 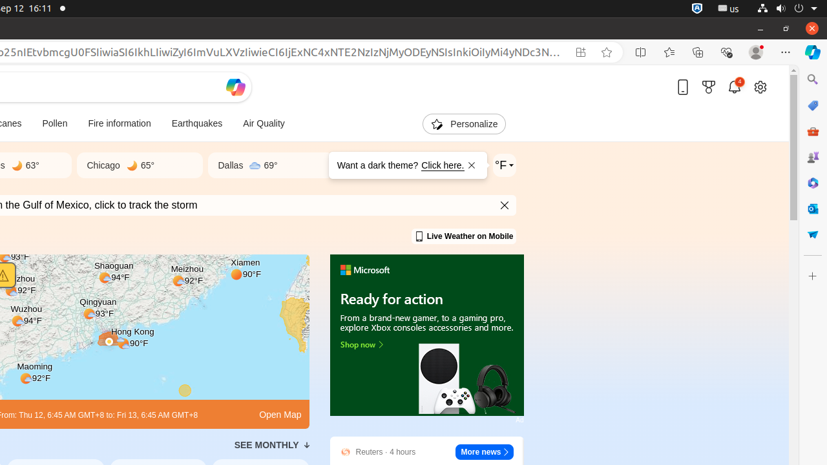 What do you see at coordinates (119, 124) in the screenshot?
I see `'Fire information'` at bounding box center [119, 124].